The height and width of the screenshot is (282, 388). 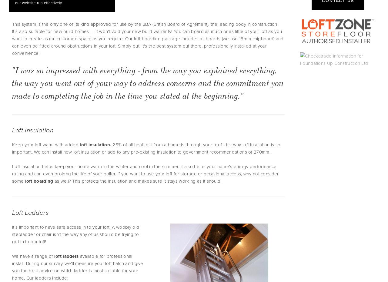 I want to click on 'available for professional install. During our survey, we'll measure your loft hatch and give you the best advice on which ladder is most suitable for your home. Our ladders include:', so click(x=77, y=267).